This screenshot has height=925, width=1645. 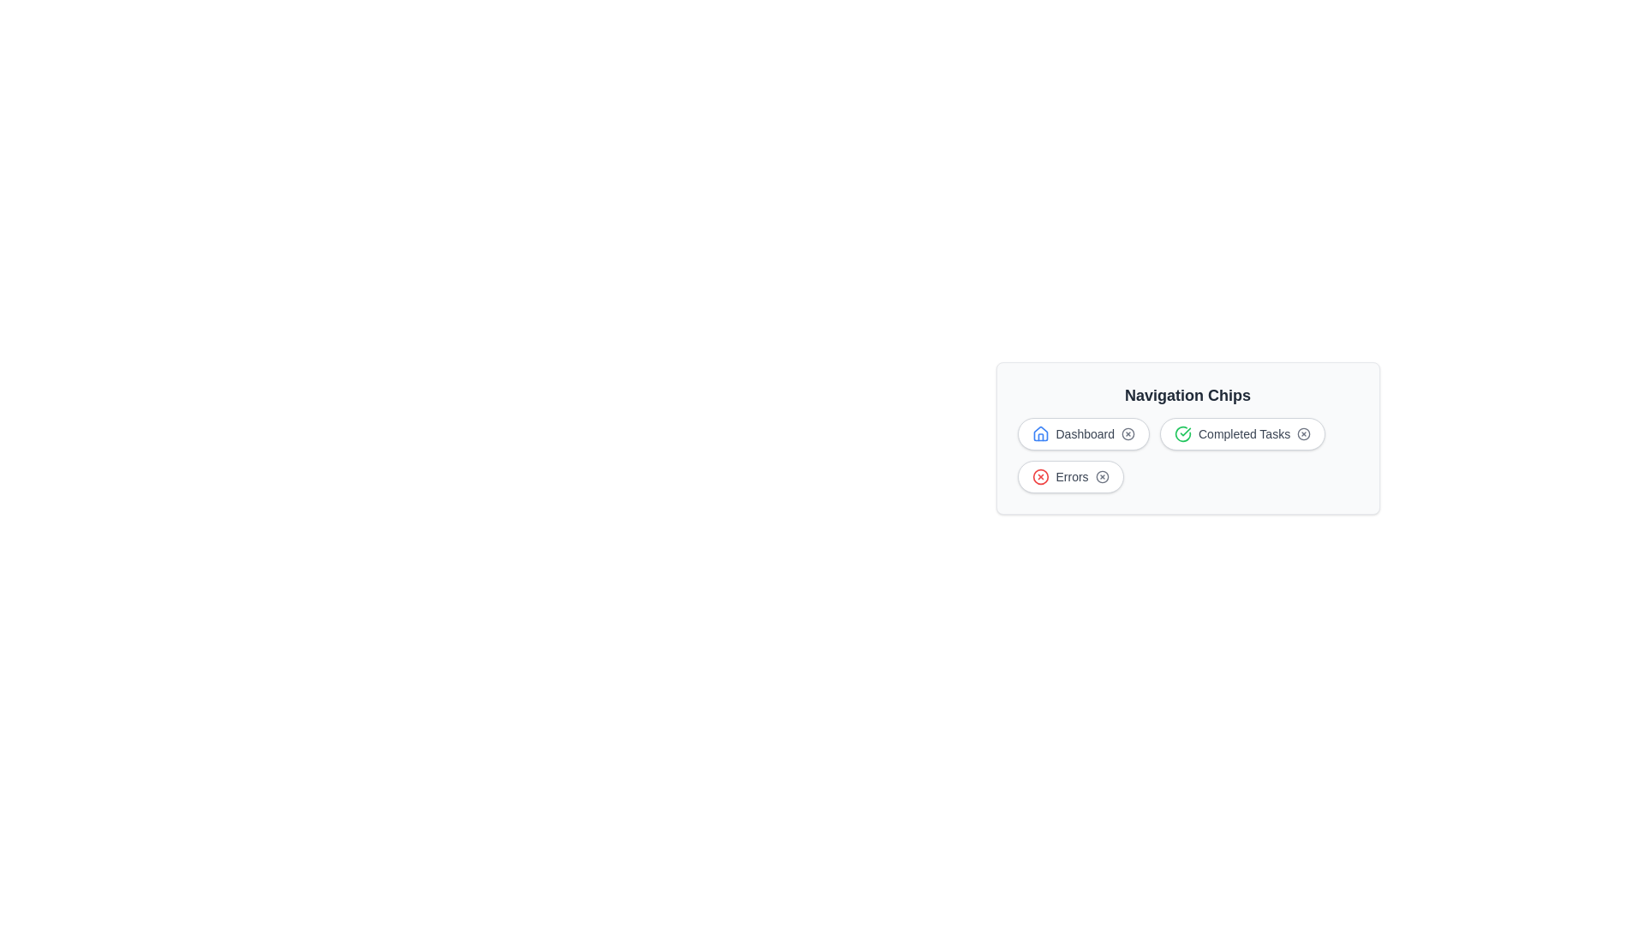 What do you see at coordinates (1102, 476) in the screenshot?
I see `close button of the chip labeled Errors` at bounding box center [1102, 476].